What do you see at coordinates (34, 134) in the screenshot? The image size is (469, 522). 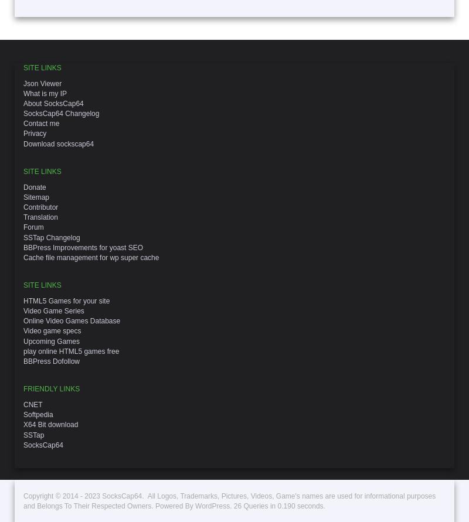 I see `'Privacy'` at bounding box center [34, 134].